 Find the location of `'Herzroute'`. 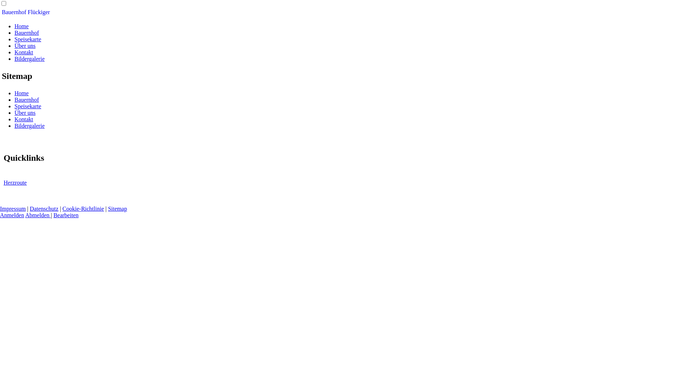

'Herzroute' is located at coordinates (15, 182).